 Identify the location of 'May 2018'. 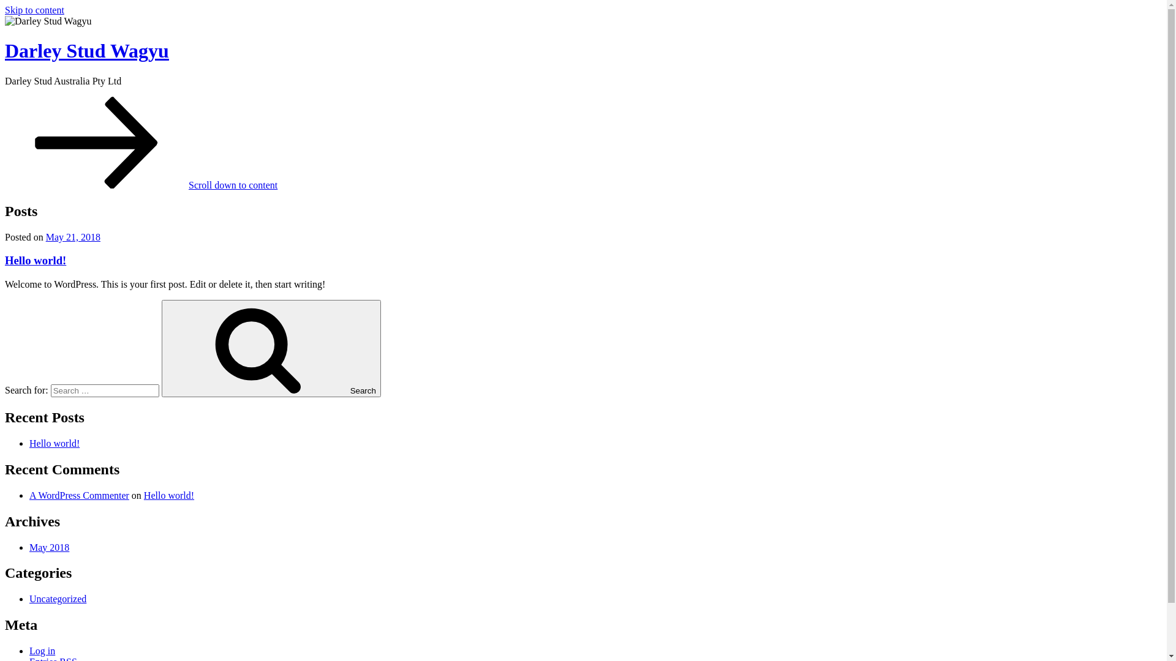
(49, 547).